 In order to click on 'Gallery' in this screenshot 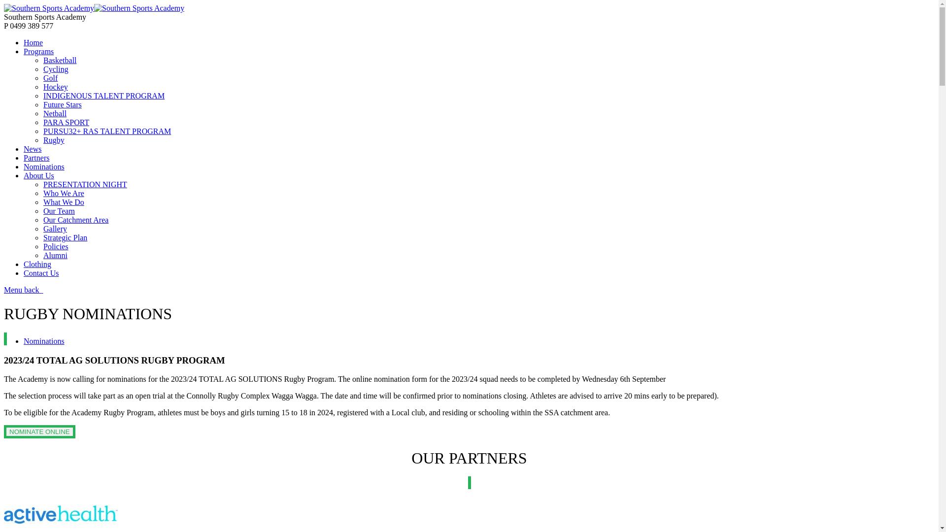, I will do `click(54, 229)`.